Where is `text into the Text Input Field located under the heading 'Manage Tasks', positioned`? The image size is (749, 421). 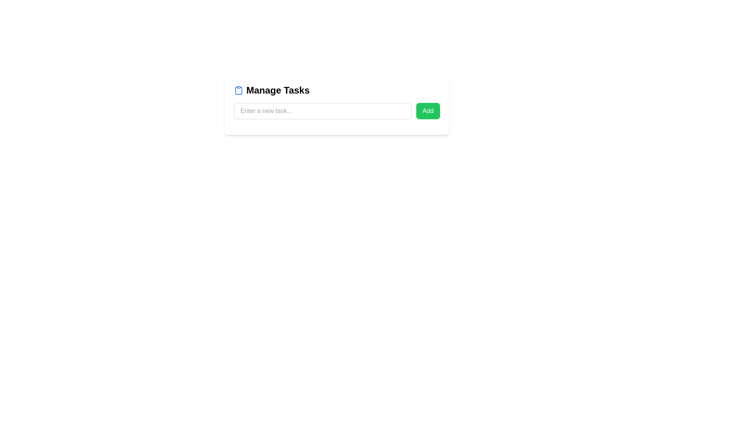
text into the Text Input Field located under the heading 'Manage Tasks', positioned is located at coordinates (323, 111).